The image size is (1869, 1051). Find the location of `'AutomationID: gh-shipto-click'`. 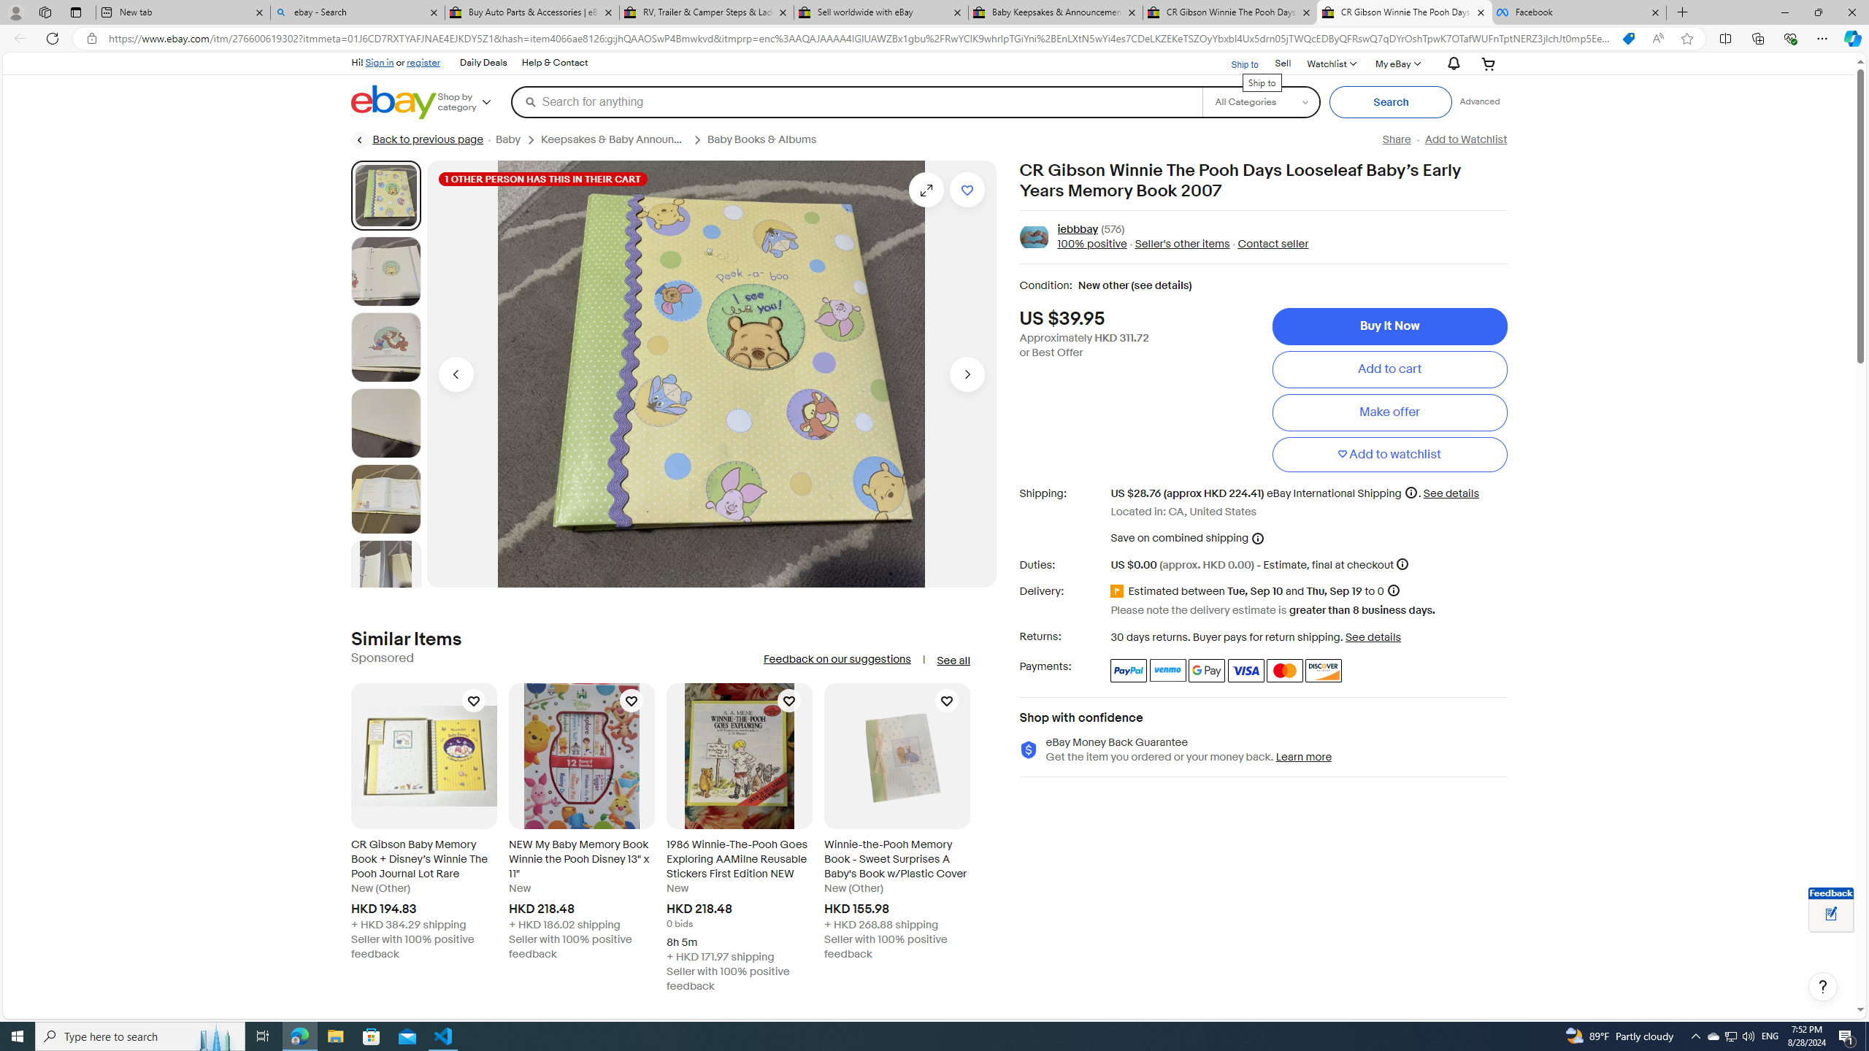

'AutomationID: gh-shipto-click' is located at coordinates (1235, 62).